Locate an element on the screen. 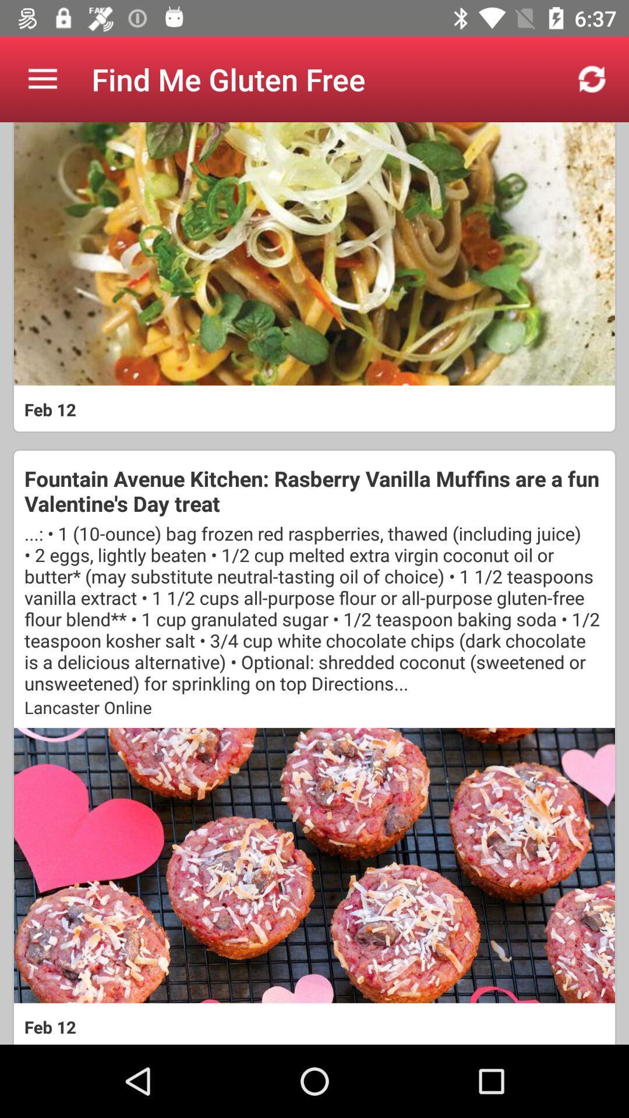 This screenshot has width=629, height=1118. item below feb 12 item is located at coordinates (314, 491).